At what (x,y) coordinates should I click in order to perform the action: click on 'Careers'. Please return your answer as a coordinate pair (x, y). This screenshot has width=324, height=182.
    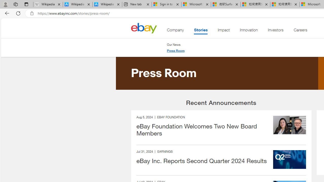
    Looking at the image, I should click on (300, 31).